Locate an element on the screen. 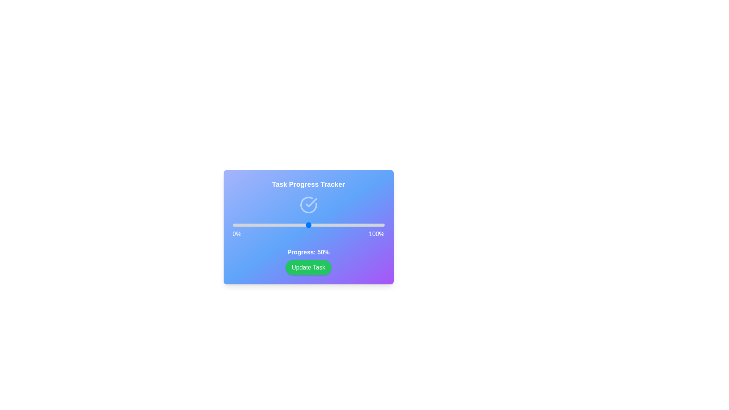 The width and height of the screenshot is (729, 410). 'Update Task' button is located at coordinates (308, 267).